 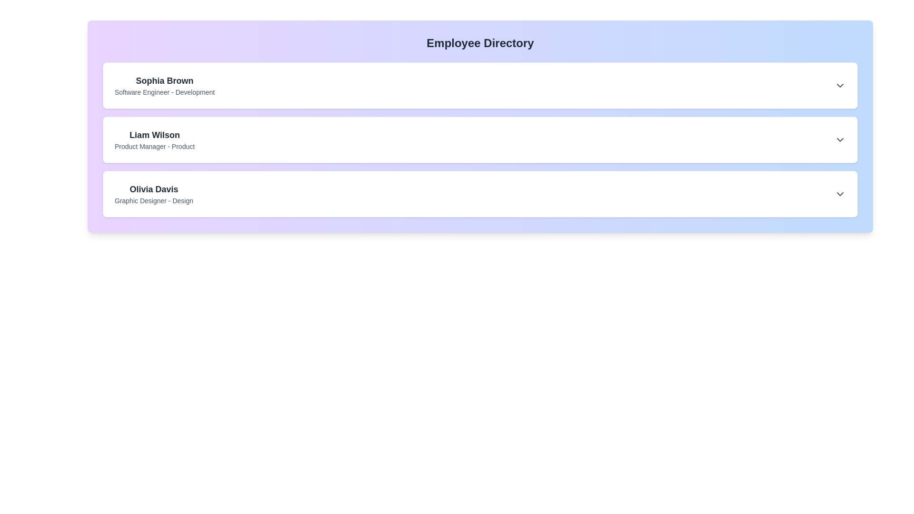 What do you see at coordinates (155, 147) in the screenshot?
I see `text label displaying 'Product Manager - Product' located below 'Liam Wilson' in the second card of the employee listings` at bounding box center [155, 147].